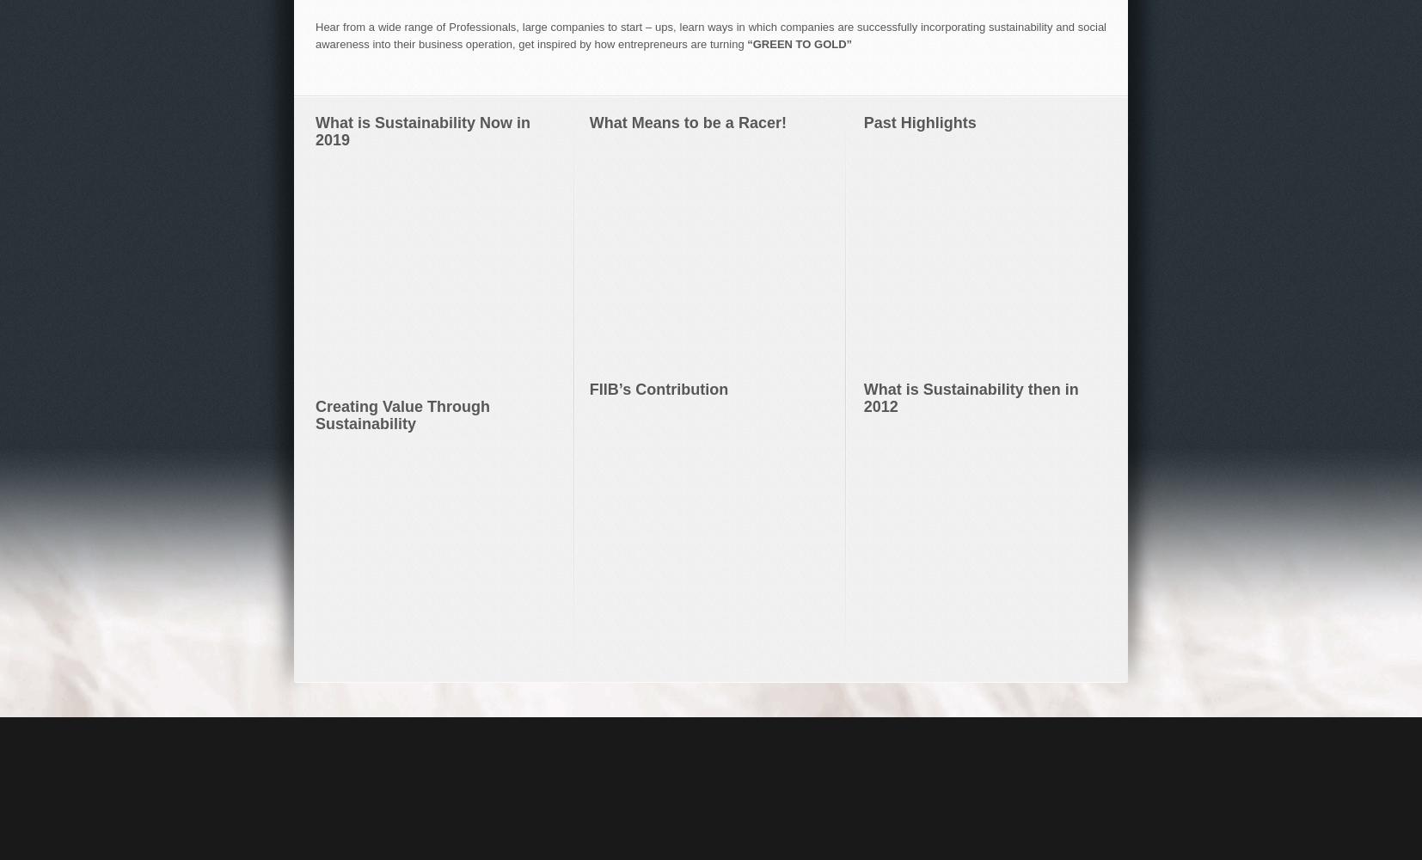 The height and width of the screenshot is (860, 1422). Describe the element at coordinates (315, 414) in the screenshot. I see `'Creating Value Through Sustainability'` at that location.